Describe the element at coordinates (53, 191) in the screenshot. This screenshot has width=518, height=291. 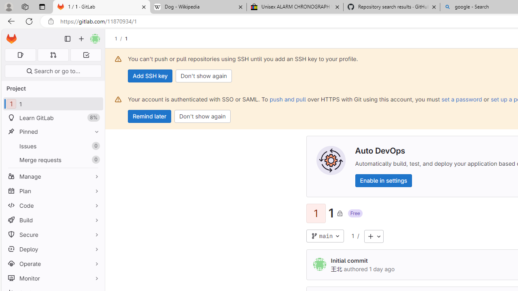
I see `'Plan'` at that location.